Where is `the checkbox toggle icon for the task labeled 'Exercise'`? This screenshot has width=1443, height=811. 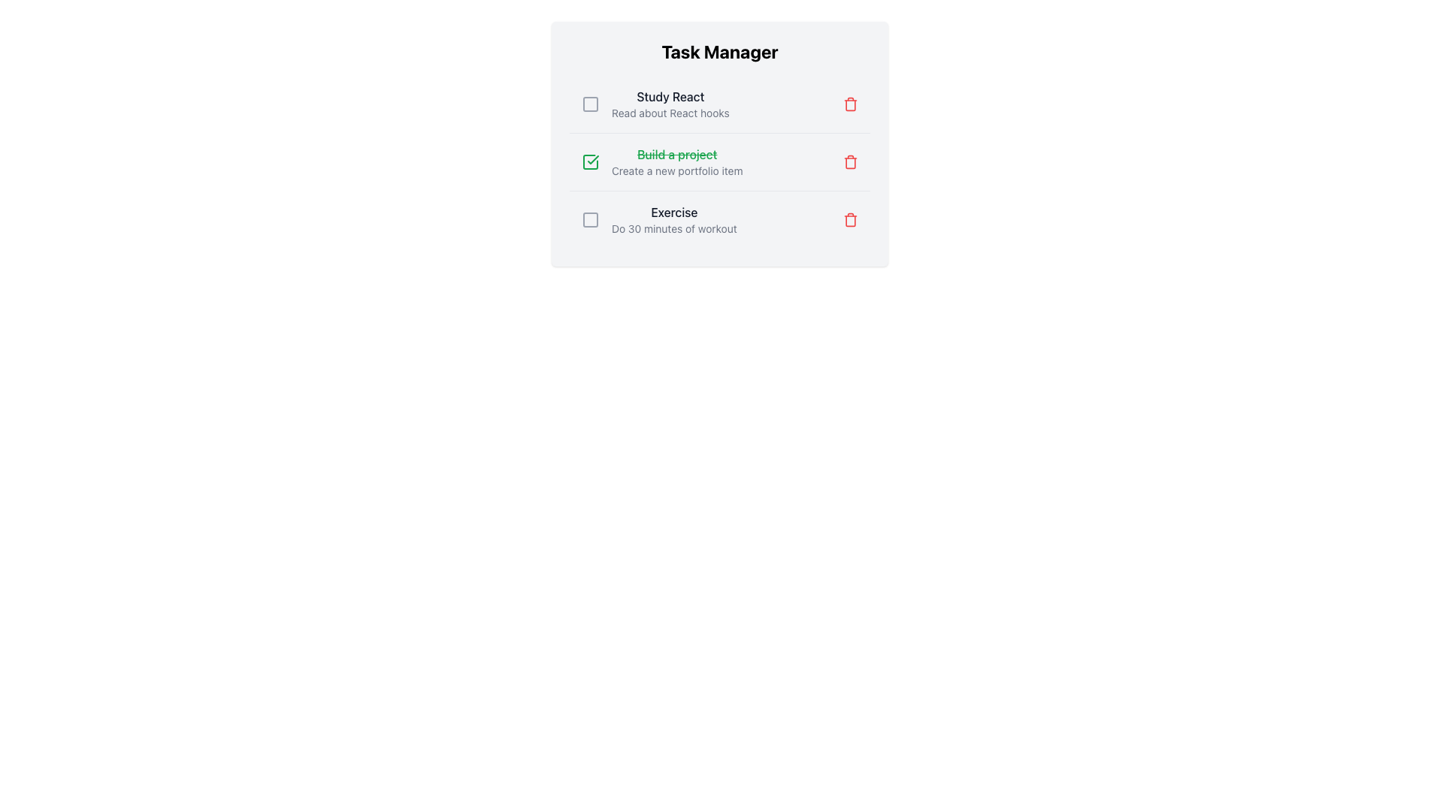
the checkbox toggle icon for the task labeled 'Exercise' is located at coordinates (590, 220).